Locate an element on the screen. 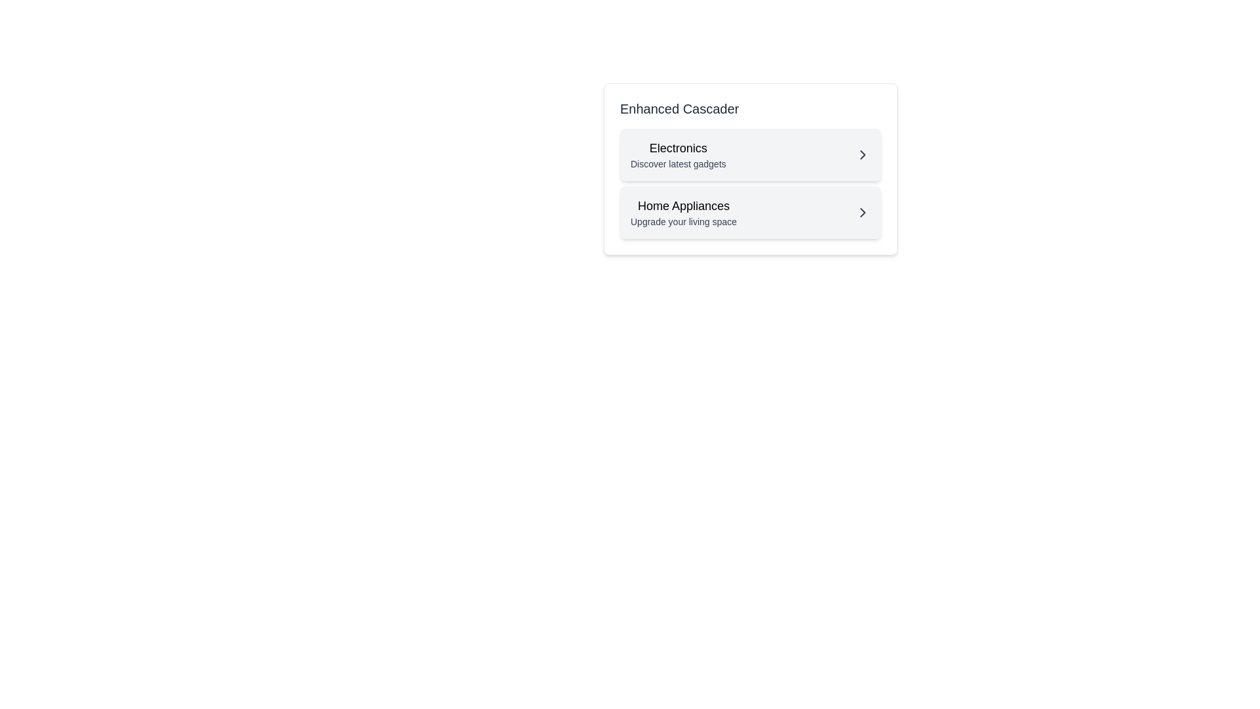 Image resolution: width=1260 pixels, height=709 pixels. the title text block located in the upper left segment of the card-like component is located at coordinates (678, 148).